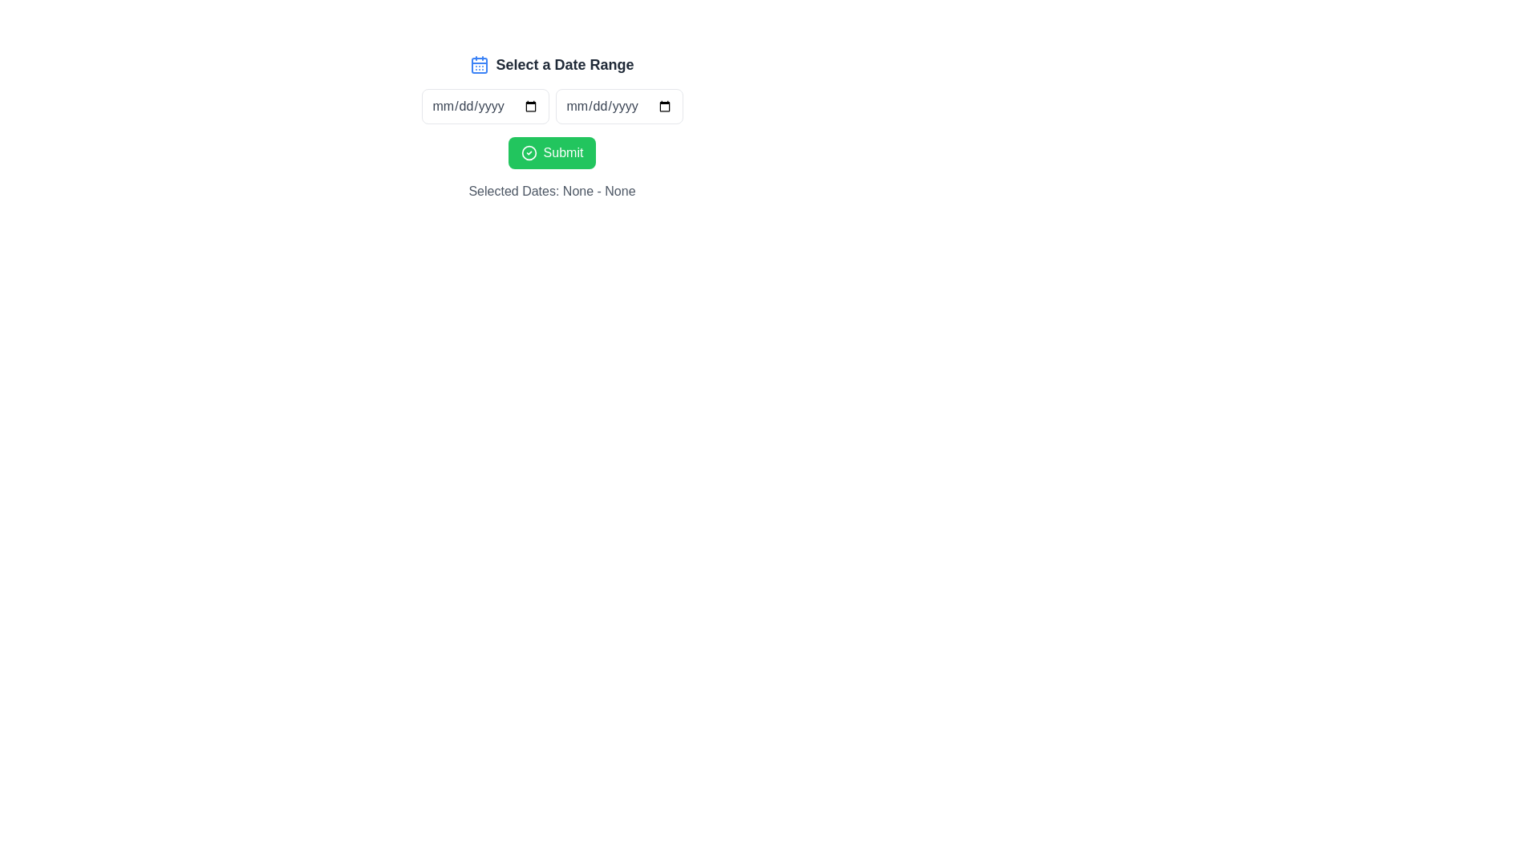 This screenshot has height=866, width=1540. What do you see at coordinates (484, 106) in the screenshot?
I see `the Date Input Field located at the top-left corner of the date range selection layout` at bounding box center [484, 106].